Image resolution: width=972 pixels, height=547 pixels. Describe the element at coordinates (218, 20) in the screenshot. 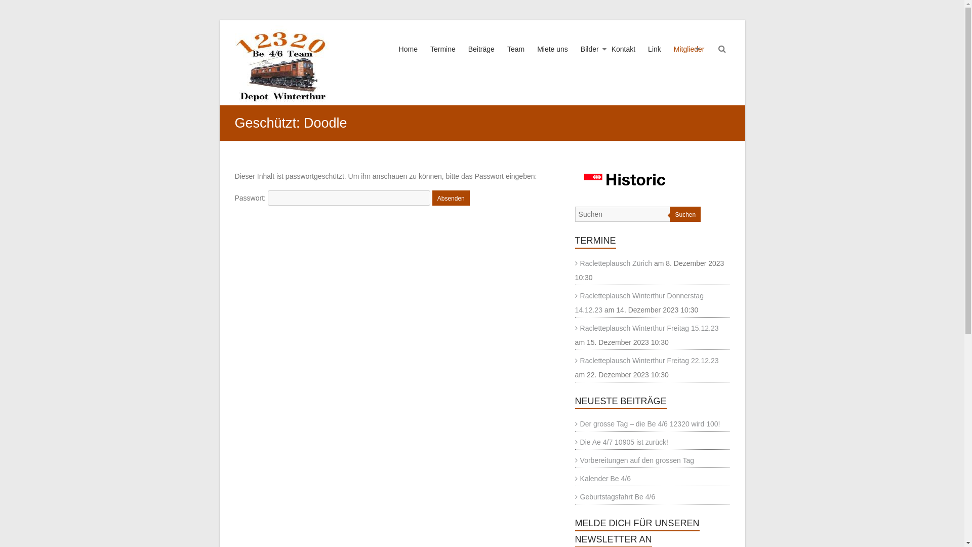

I see `'Zum Inhalt wechseln'` at that location.